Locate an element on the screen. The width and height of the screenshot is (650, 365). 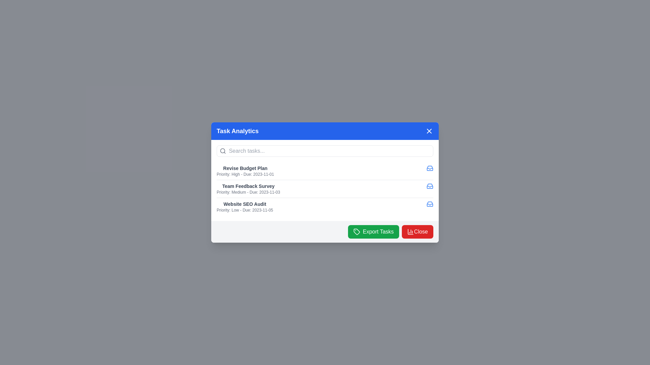
the blue inbox-shaped icon located is located at coordinates (430, 204).